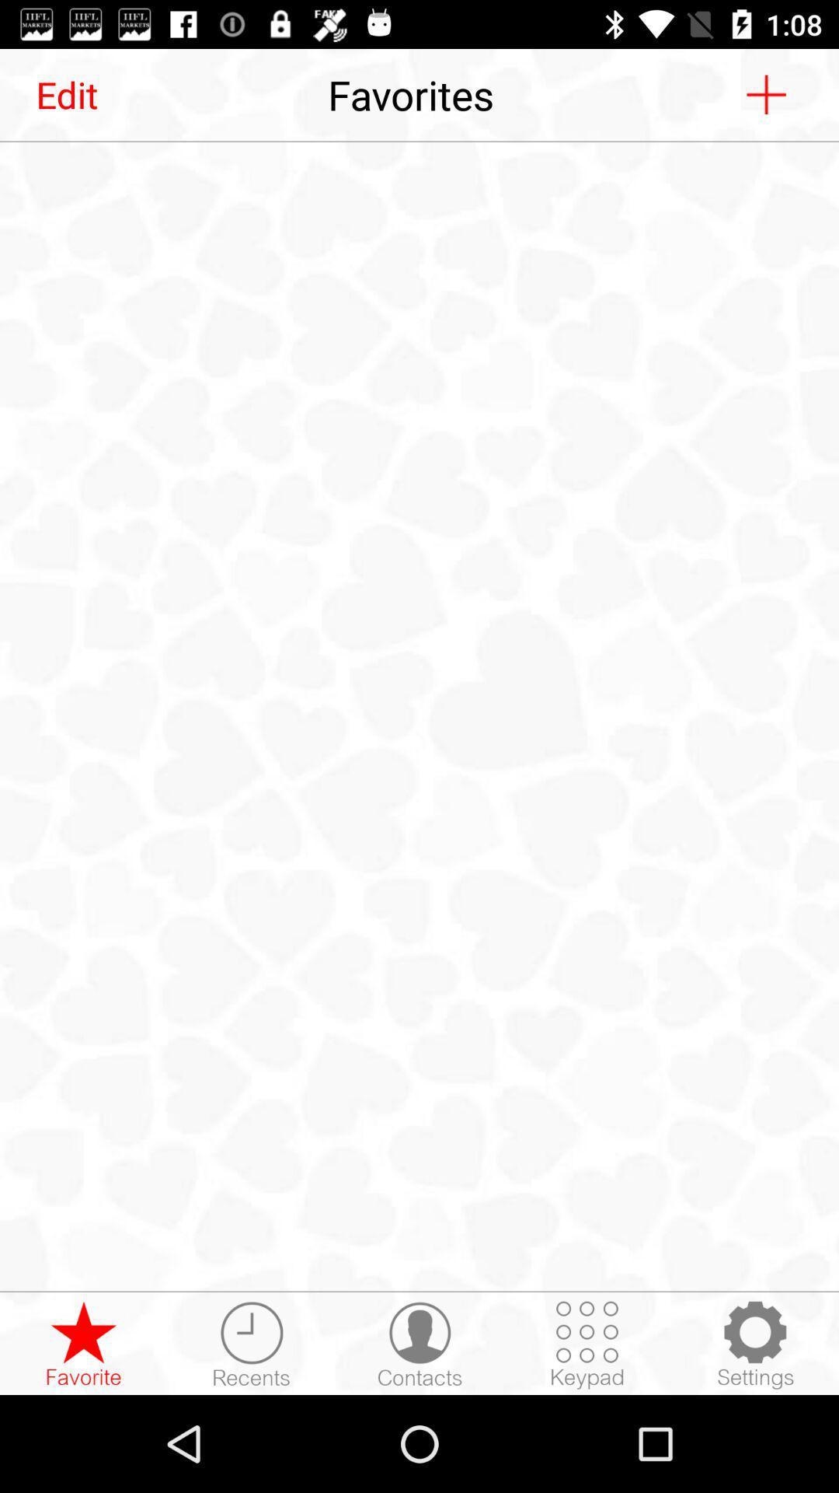 The height and width of the screenshot is (1493, 839). Describe the element at coordinates (251, 1344) in the screenshot. I see `the time icon` at that location.